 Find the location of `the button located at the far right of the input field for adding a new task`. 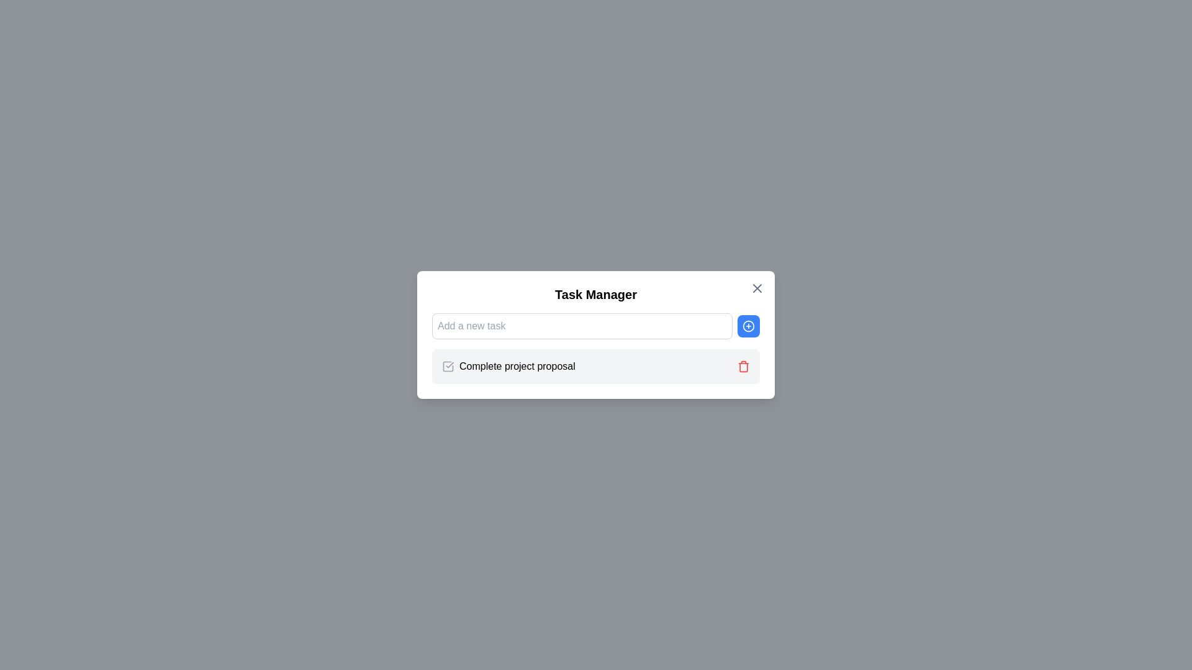

the button located at the far right of the input field for adding a new task is located at coordinates (747, 325).